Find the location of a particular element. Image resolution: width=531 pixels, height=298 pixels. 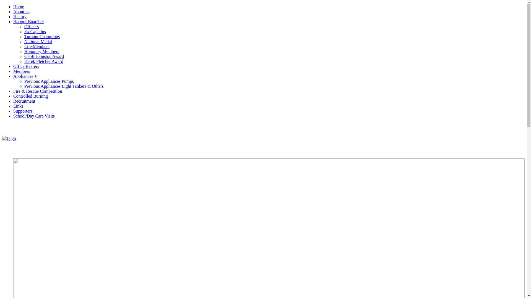

'Ex Captains' is located at coordinates (35, 31).